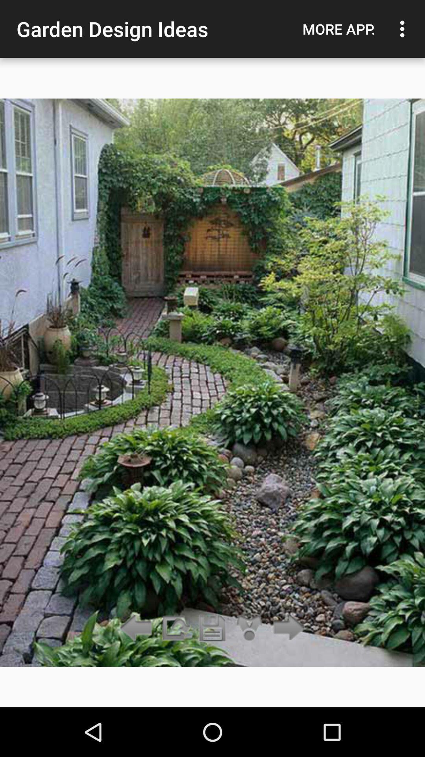 This screenshot has height=757, width=425. Describe the element at coordinates (249, 628) in the screenshot. I see `the share icon` at that location.